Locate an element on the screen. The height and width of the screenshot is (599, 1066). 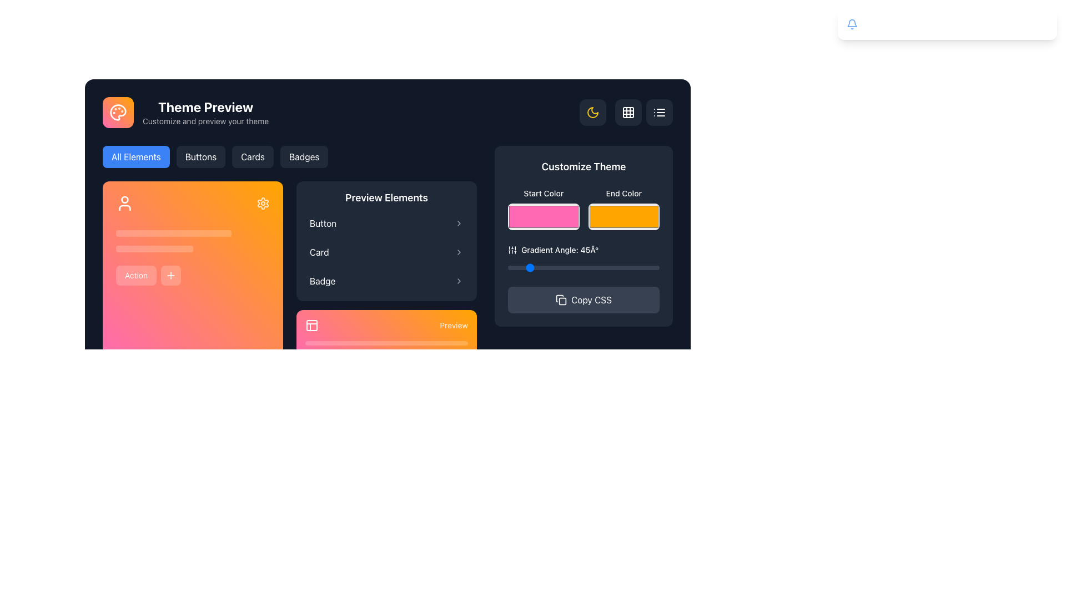
the grid icon located near the upper right corner of the interface is located at coordinates (628, 113).